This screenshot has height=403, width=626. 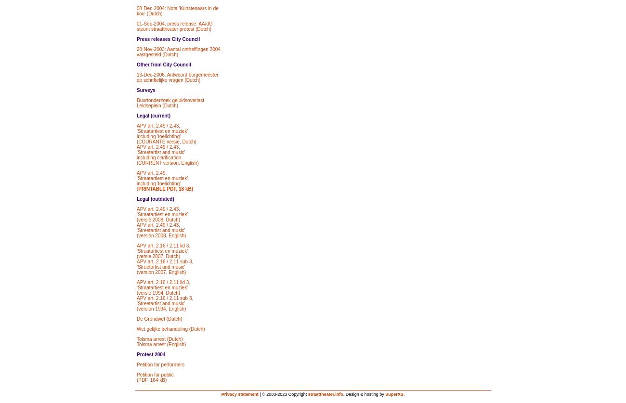 What do you see at coordinates (159, 338) in the screenshot?
I see `'Tolsma arrest (Dutch)'` at bounding box center [159, 338].